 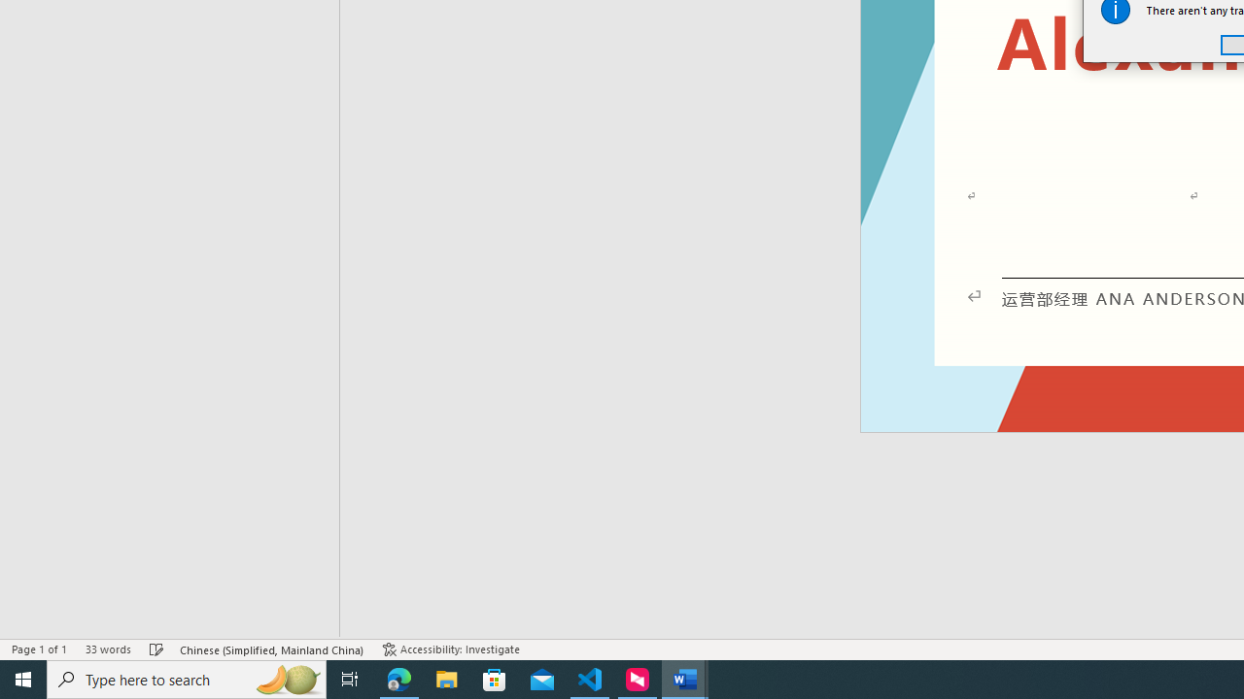 What do you see at coordinates (398, 678) in the screenshot?
I see `'Microsoft Edge - 1 running window'` at bounding box center [398, 678].